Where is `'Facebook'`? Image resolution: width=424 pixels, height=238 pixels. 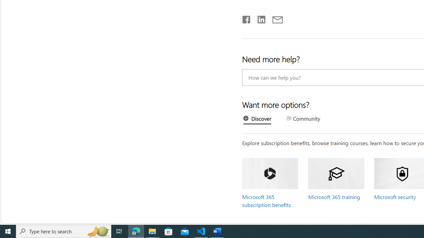
'Facebook' is located at coordinates (246, 18).